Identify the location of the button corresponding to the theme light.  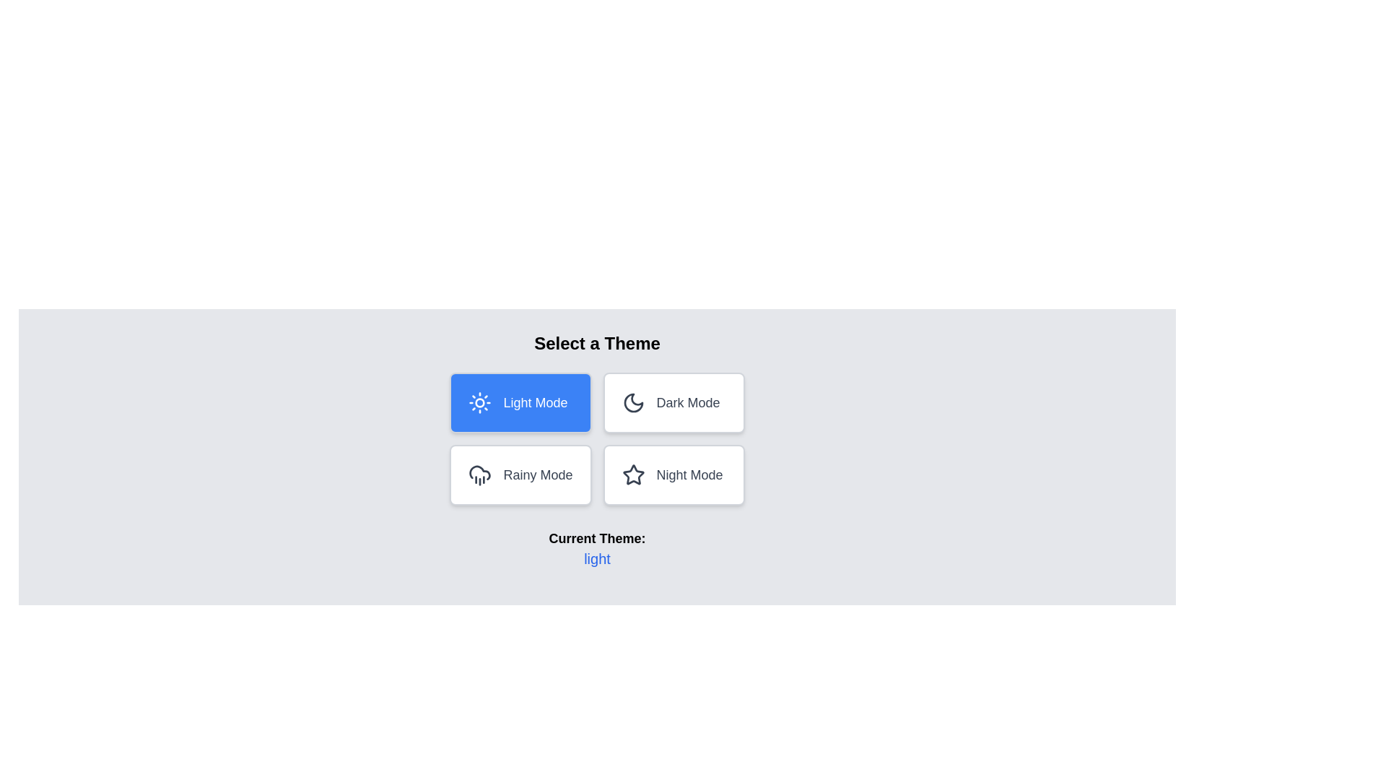
(520, 403).